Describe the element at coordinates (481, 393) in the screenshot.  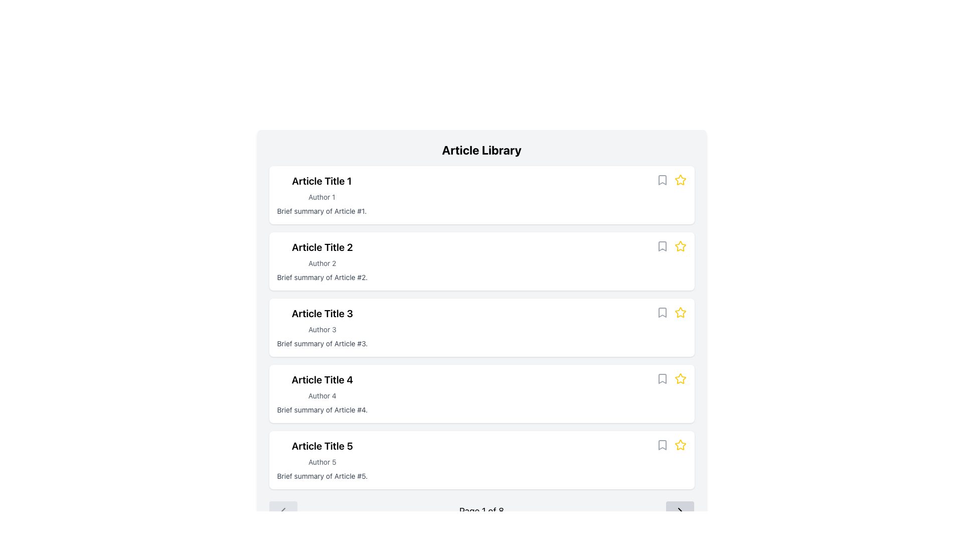
I see `title 'Article Title 4', author 'Author 4', and summary 'Brief summary of Article #4.' from the fourth card in the vertical list of article cards` at that location.